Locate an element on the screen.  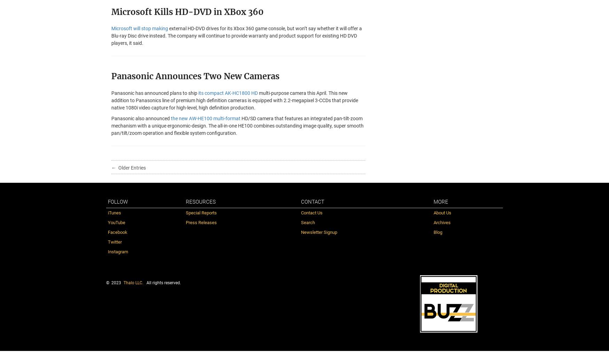
'©  2023' is located at coordinates (113, 283).